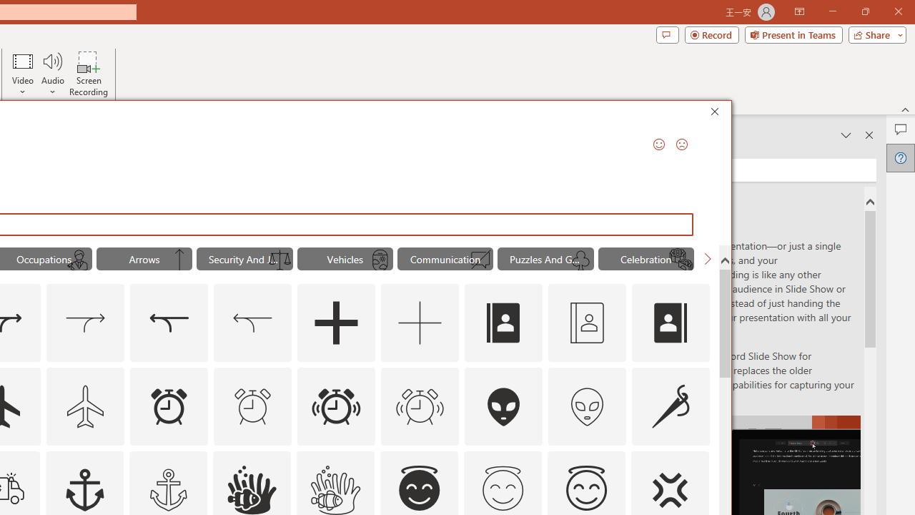  What do you see at coordinates (545, 259) in the screenshot?
I see `'"Puzzles And Games" Icons.'` at bounding box center [545, 259].